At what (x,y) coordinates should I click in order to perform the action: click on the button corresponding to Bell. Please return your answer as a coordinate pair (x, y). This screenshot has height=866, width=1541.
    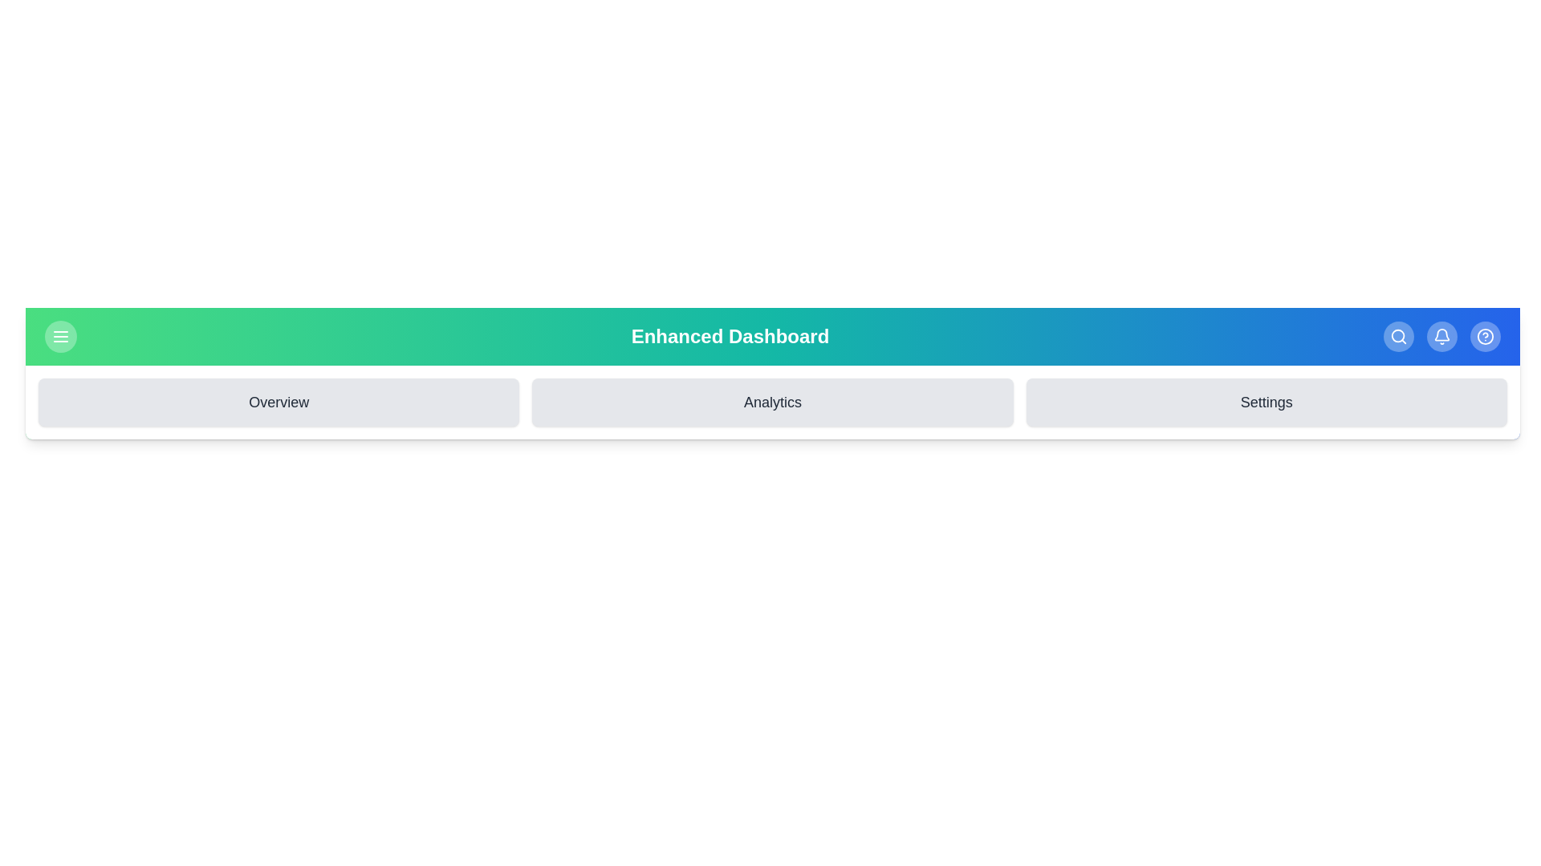
    Looking at the image, I should click on (1441, 336).